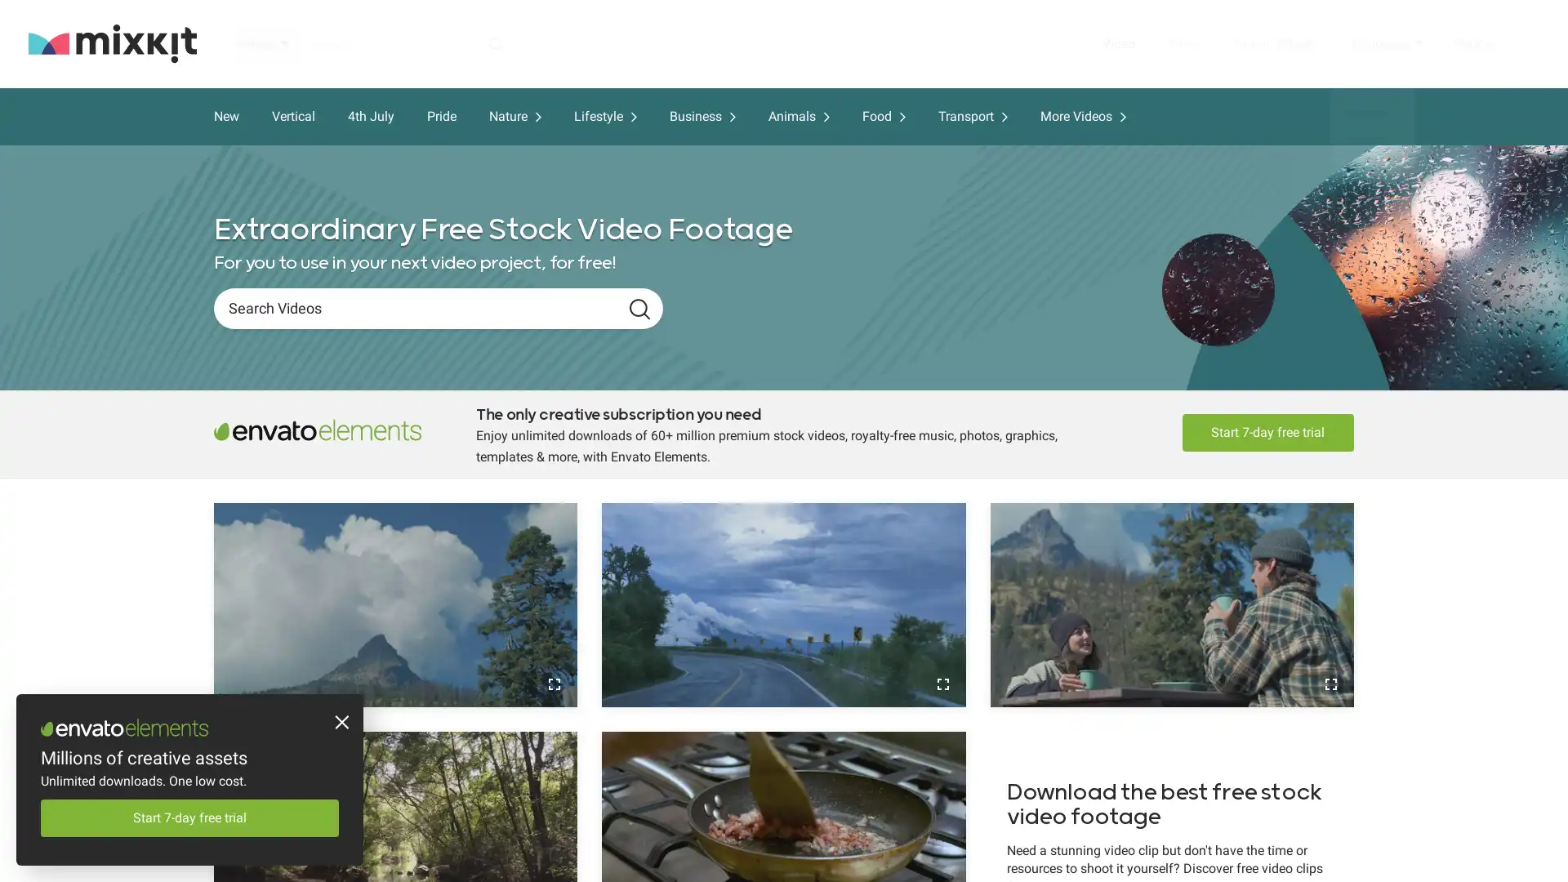 Image resolution: width=1568 pixels, height=882 pixels. Describe the element at coordinates (494, 42) in the screenshot. I see `Search` at that location.